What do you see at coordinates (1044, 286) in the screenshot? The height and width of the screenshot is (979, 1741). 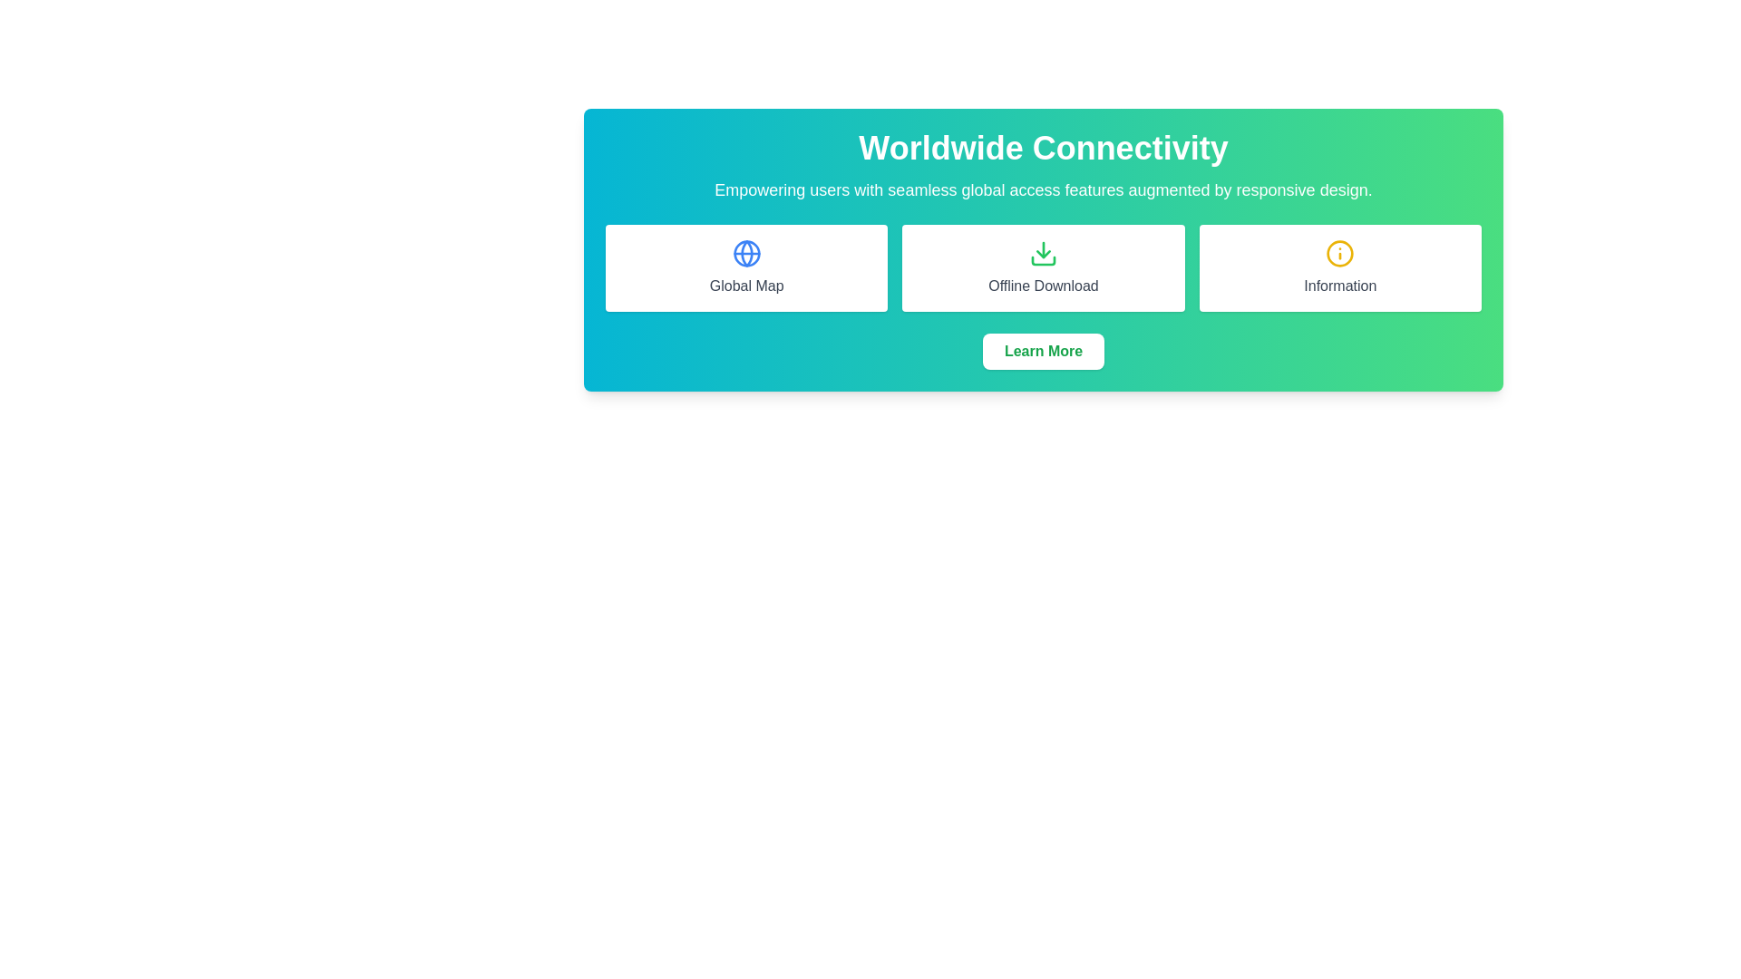 I see `the text label that reads 'Offline Download', which is styled in gray and located beneath the download icon in the central card of a three-card layout` at bounding box center [1044, 286].